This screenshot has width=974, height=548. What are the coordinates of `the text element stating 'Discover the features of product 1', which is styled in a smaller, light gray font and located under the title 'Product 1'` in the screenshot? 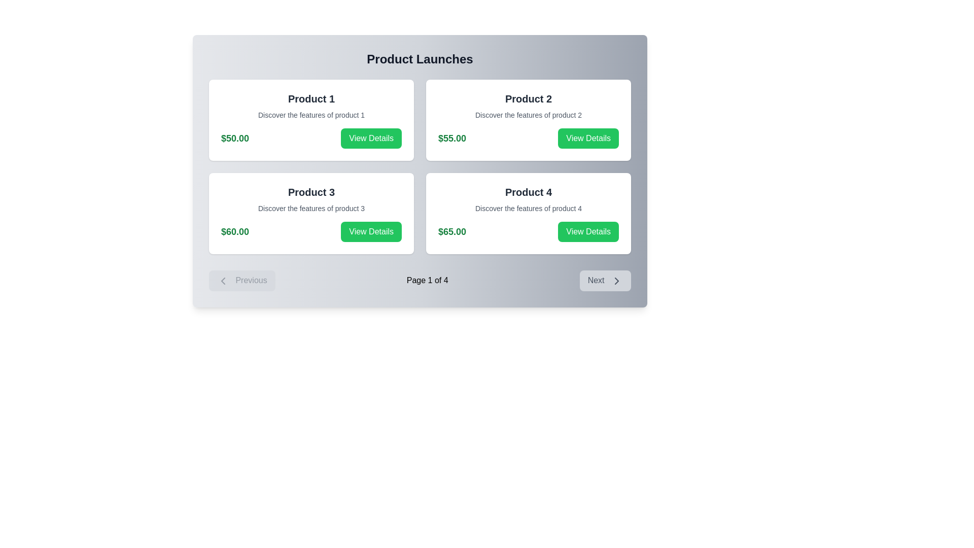 It's located at (311, 115).